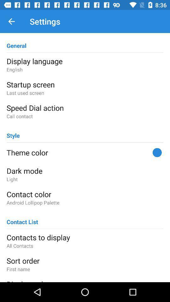 This screenshot has width=170, height=302. Describe the element at coordinates (85, 179) in the screenshot. I see `icon above the contact color item` at that location.